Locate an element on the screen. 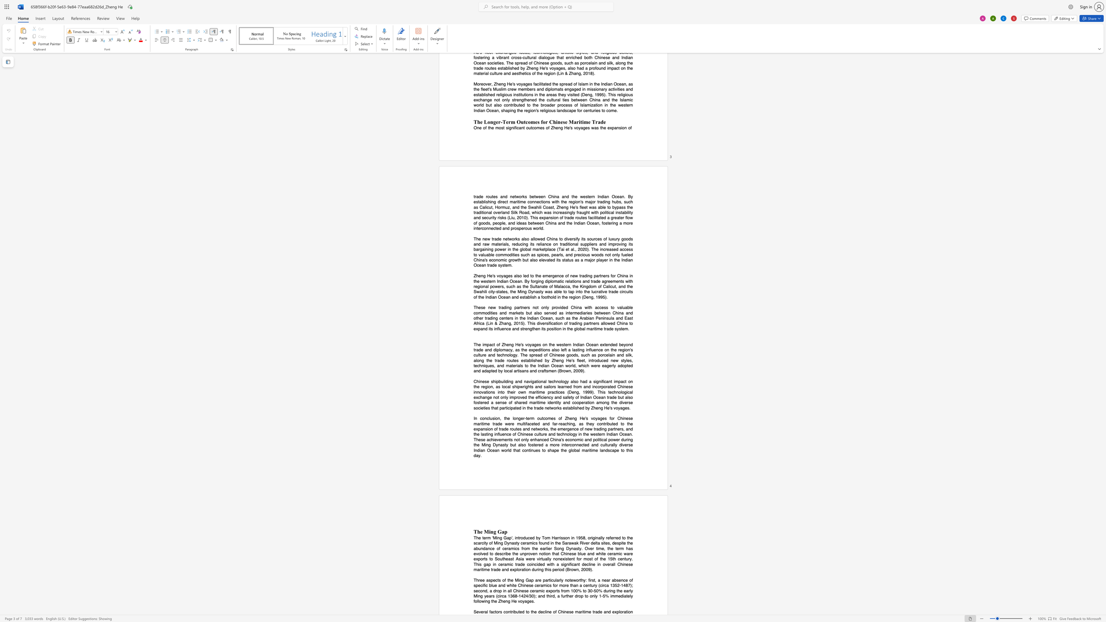 The width and height of the screenshot is (1106, 622). the subset text "es" within the text "established" is located at coordinates (521, 360).